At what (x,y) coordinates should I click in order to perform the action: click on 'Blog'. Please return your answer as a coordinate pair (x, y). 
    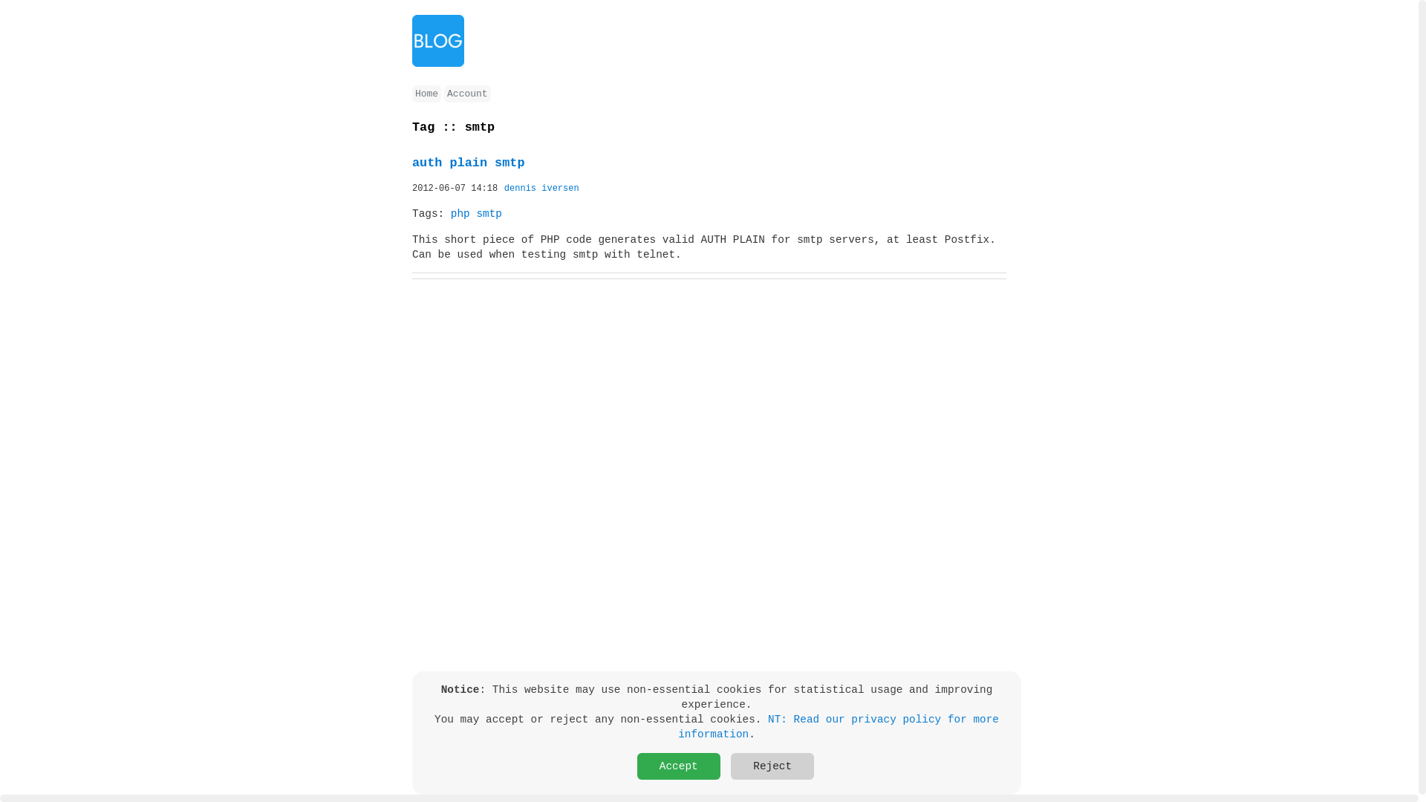
    Looking at the image, I should click on (437, 62).